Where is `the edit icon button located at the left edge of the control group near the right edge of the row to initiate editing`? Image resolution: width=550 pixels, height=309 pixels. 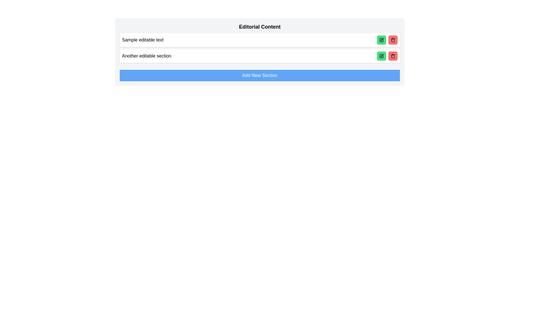 the edit icon button located at the left edge of the control group near the right edge of the row to initiate editing is located at coordinates (381, 39).